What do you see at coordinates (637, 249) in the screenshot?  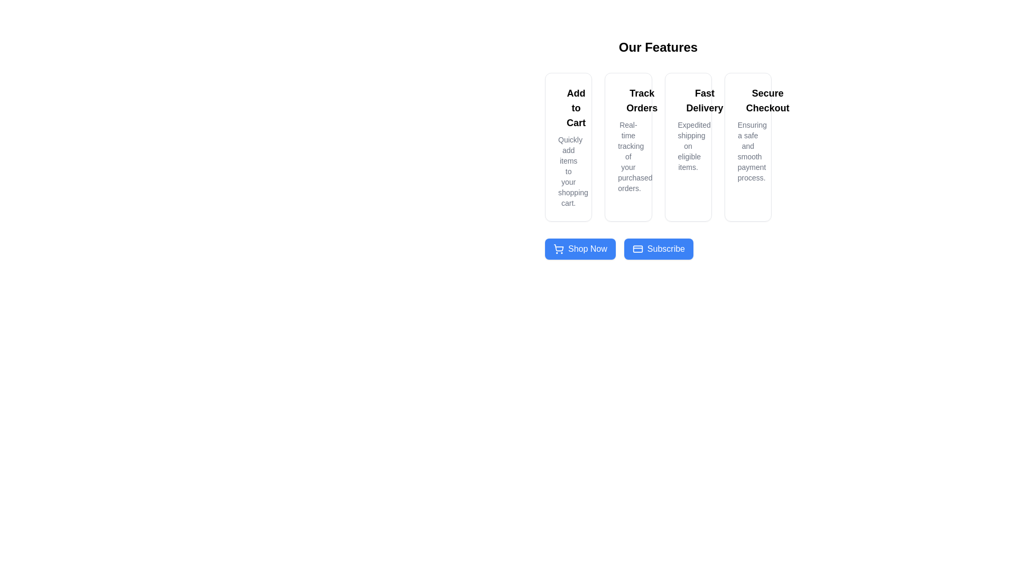 I see `the decorative rectangle within the credit card icon of the 'Subscribe' button located at the bottom center of the interface` at bounding box center [637, 249].